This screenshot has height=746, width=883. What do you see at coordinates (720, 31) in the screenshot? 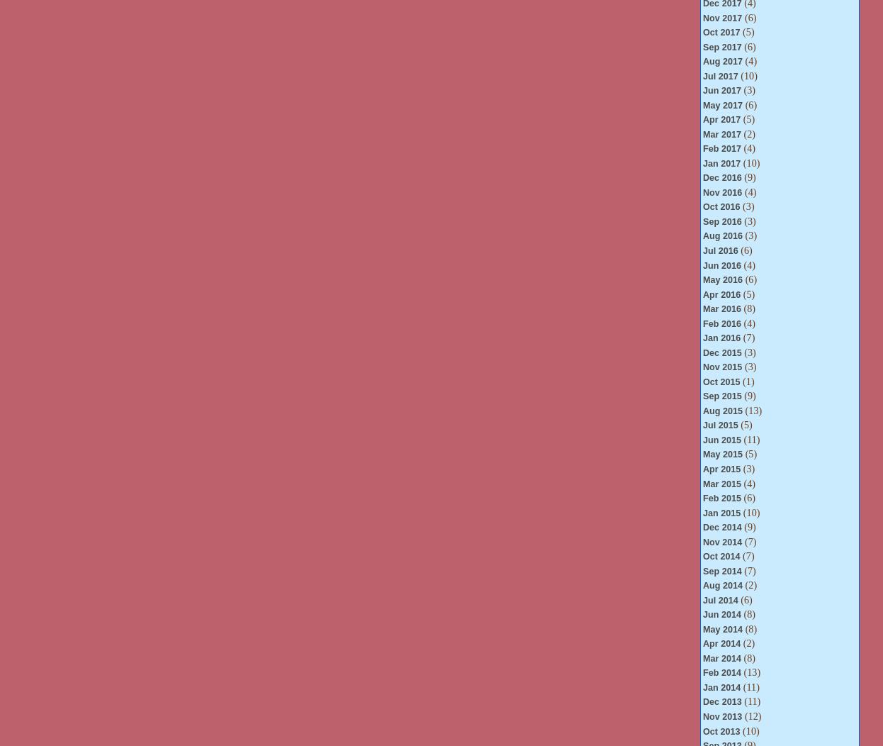
I see `'Oct 2017'` at bounding box center [720, 31].